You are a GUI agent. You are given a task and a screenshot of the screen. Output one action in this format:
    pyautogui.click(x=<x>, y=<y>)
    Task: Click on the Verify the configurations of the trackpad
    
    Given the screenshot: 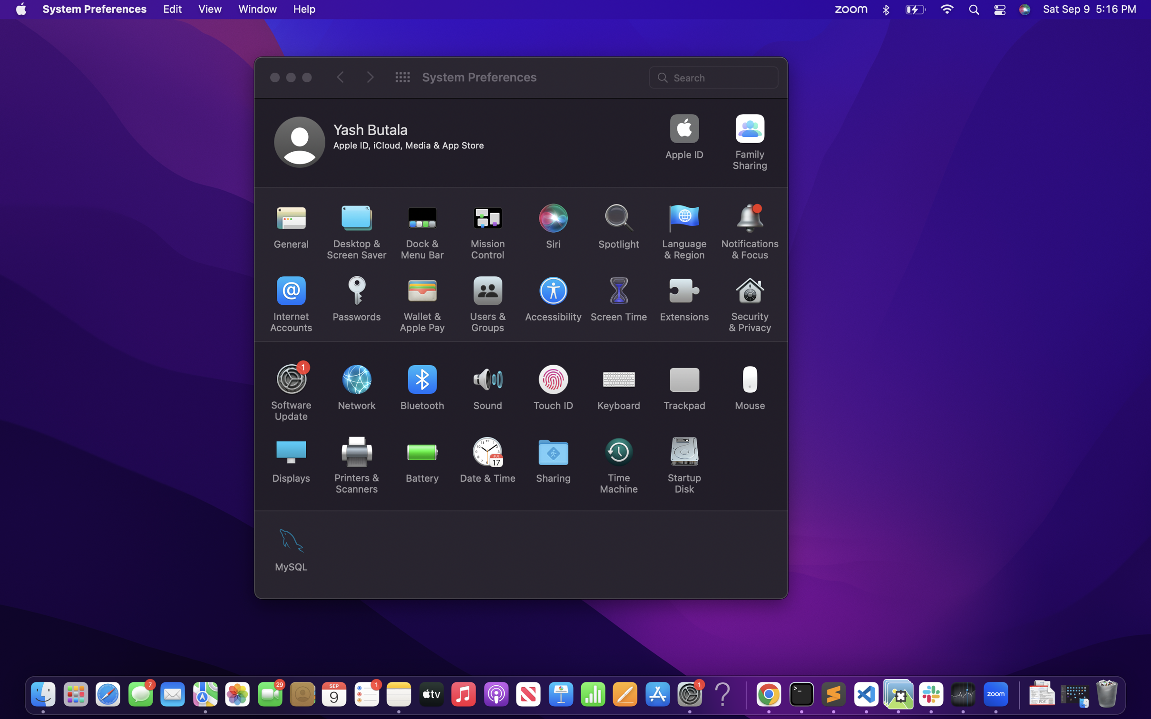 What is the action you would take?
    pyautogui.click(x=685, y=385)
    